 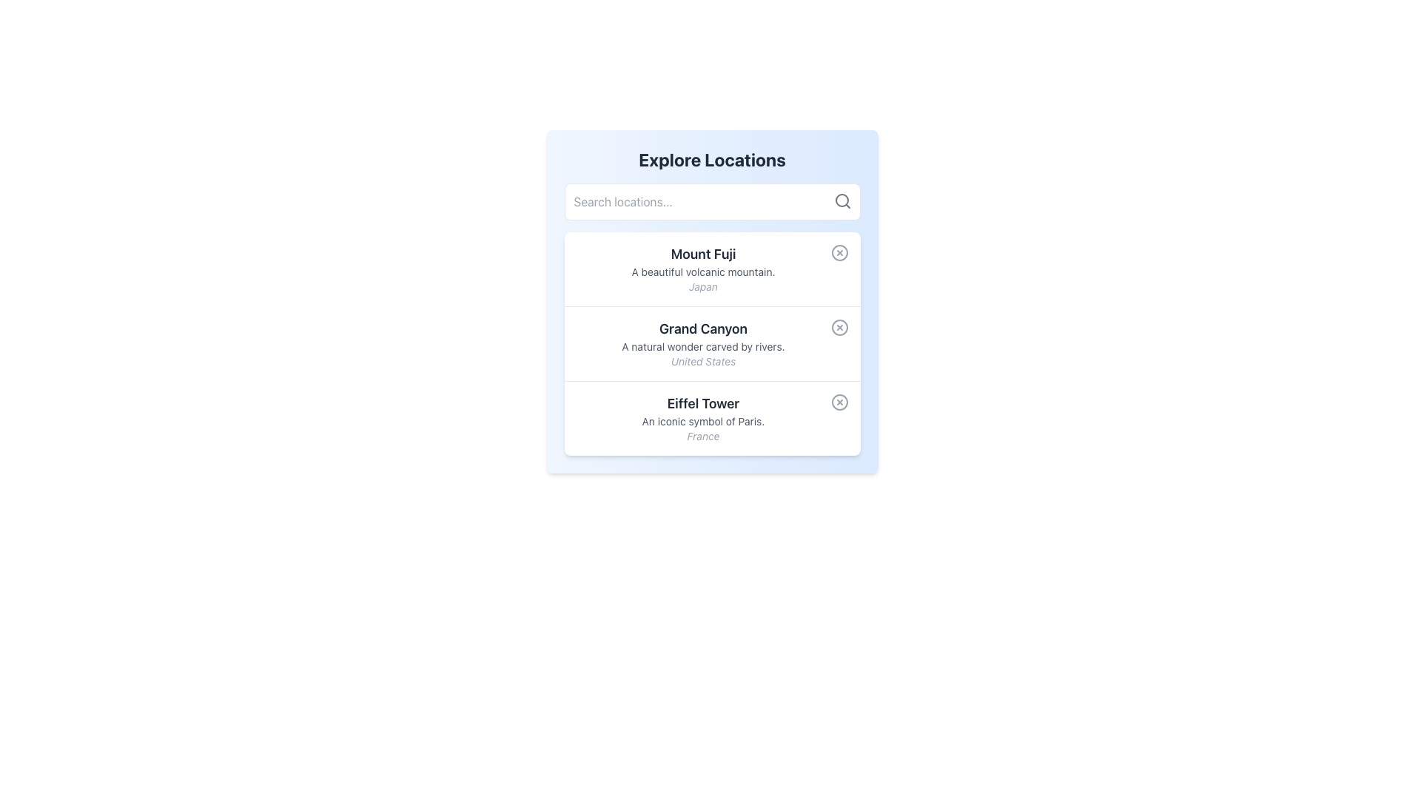 I want to click on the Text block representing the Eiffel Tower, which is the third item in a vertical list of location entries, so click(x=702, y=419).